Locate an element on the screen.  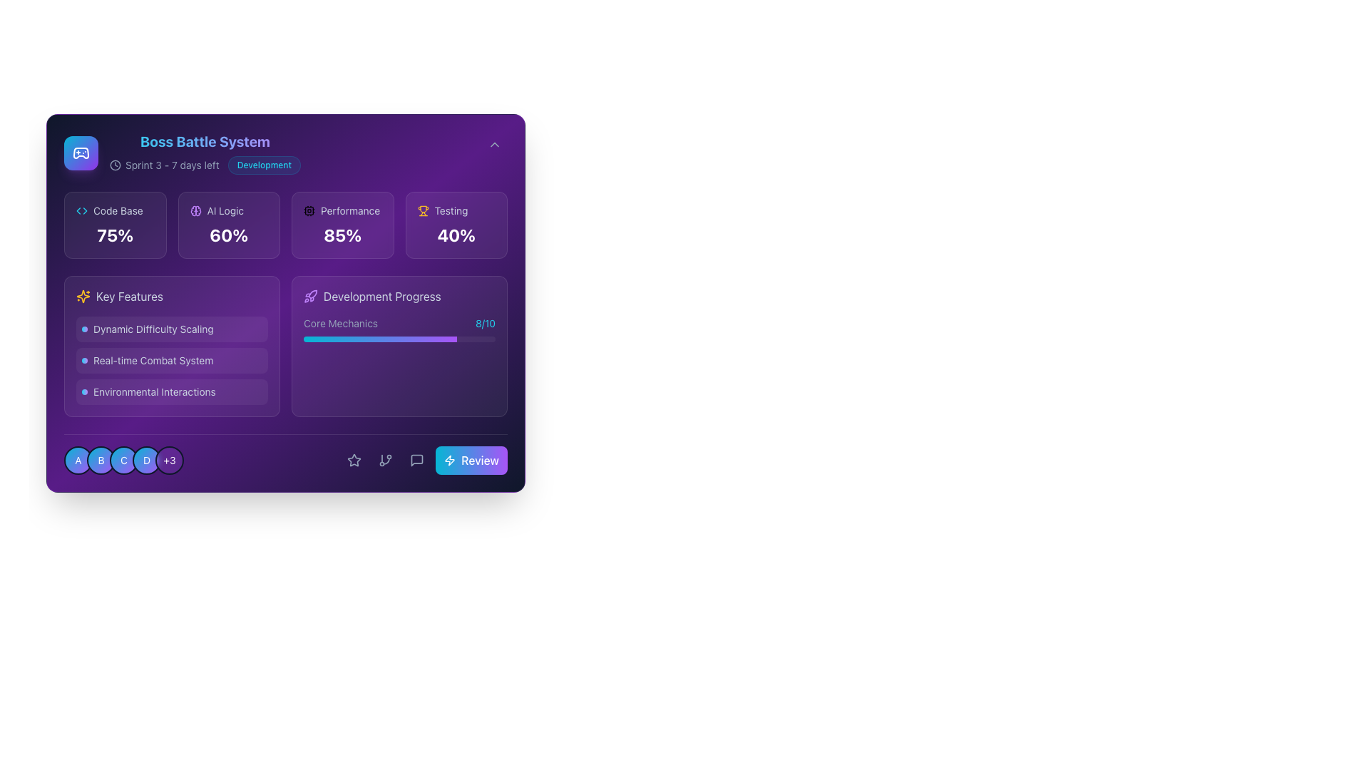
the informational text label describing the 'Boss Battle System' feature is located at coordinates (171, 359).